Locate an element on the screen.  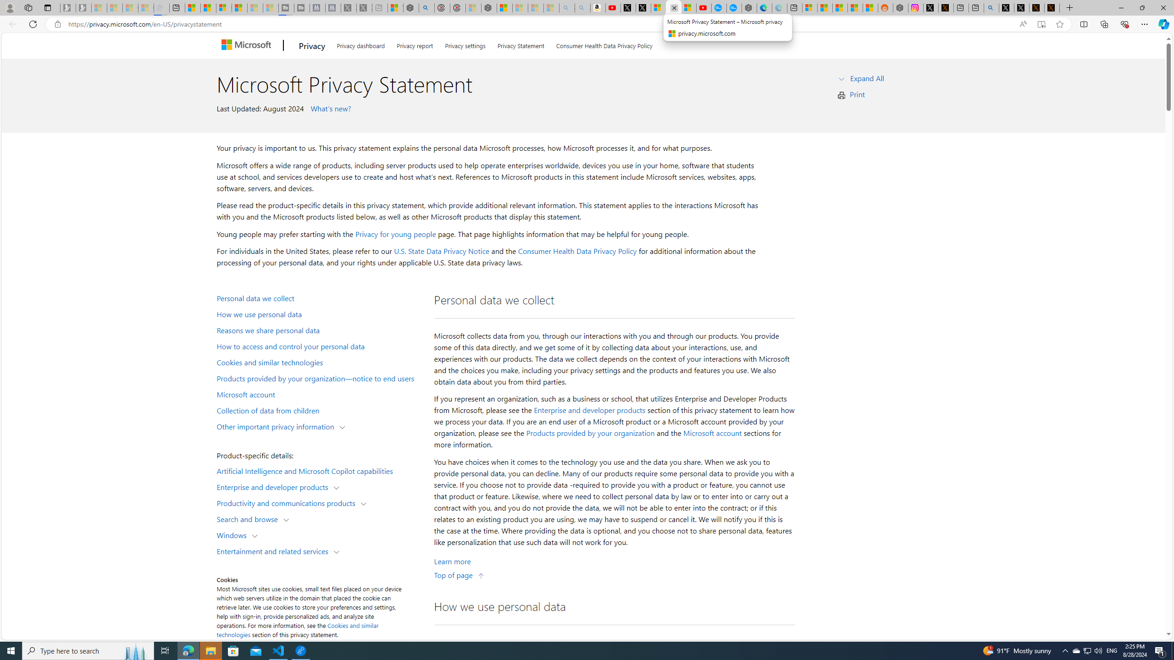
' What' is located at coordinates (329, 108).